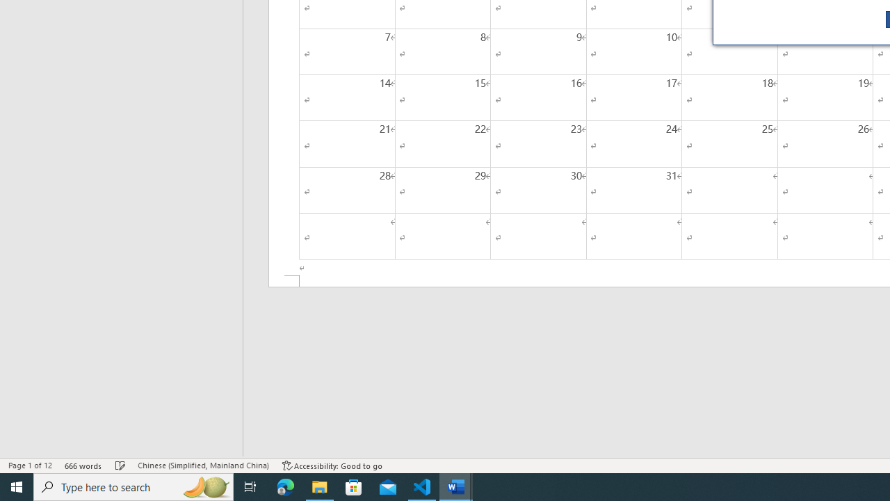  What do you see at coordinates (204, 486) in the screenshot?
I see `'Search highlights icon opens search home window'` at bounding box center [204, 486].